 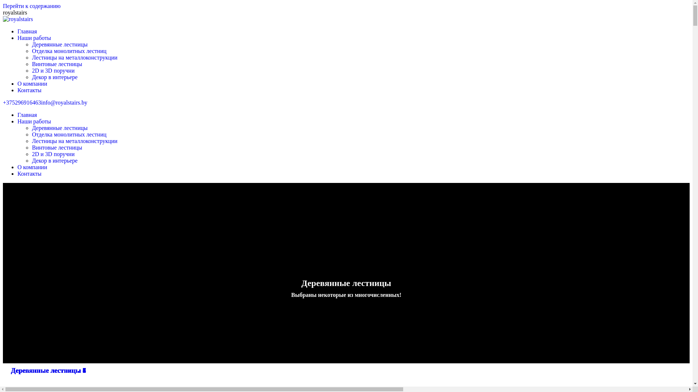 I want to click on '+375296916463', so click(x=22, y=102).